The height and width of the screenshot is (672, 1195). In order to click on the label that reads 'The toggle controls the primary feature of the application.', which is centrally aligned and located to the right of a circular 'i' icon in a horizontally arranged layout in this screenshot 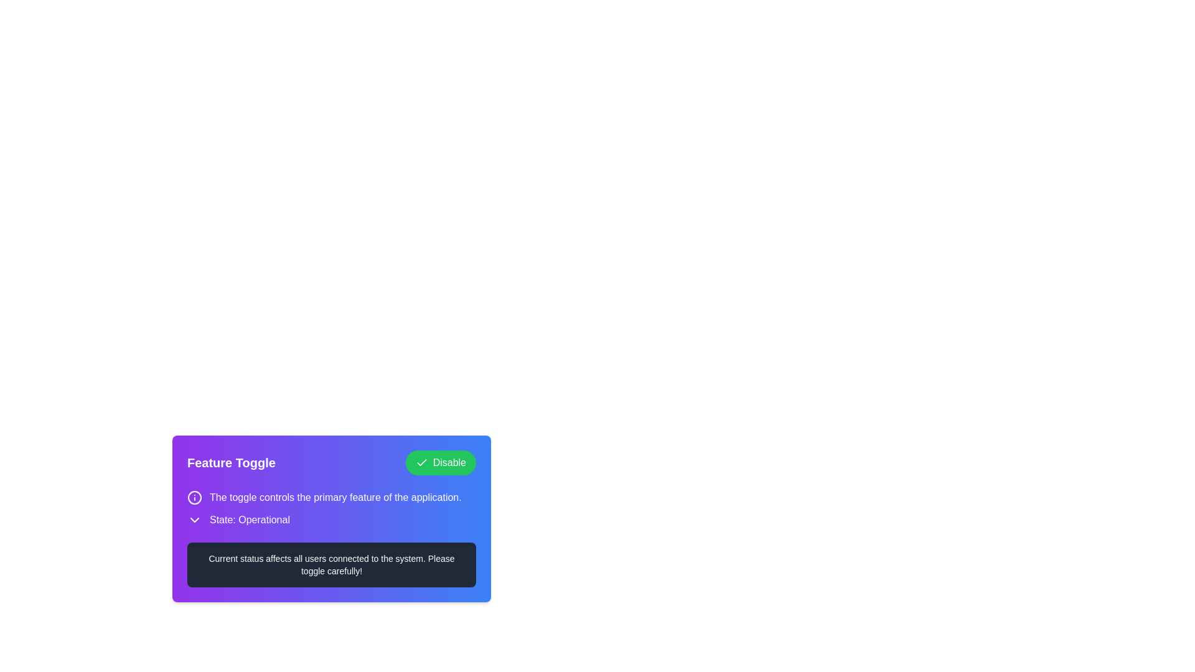, I will do `click(335, 497)`.